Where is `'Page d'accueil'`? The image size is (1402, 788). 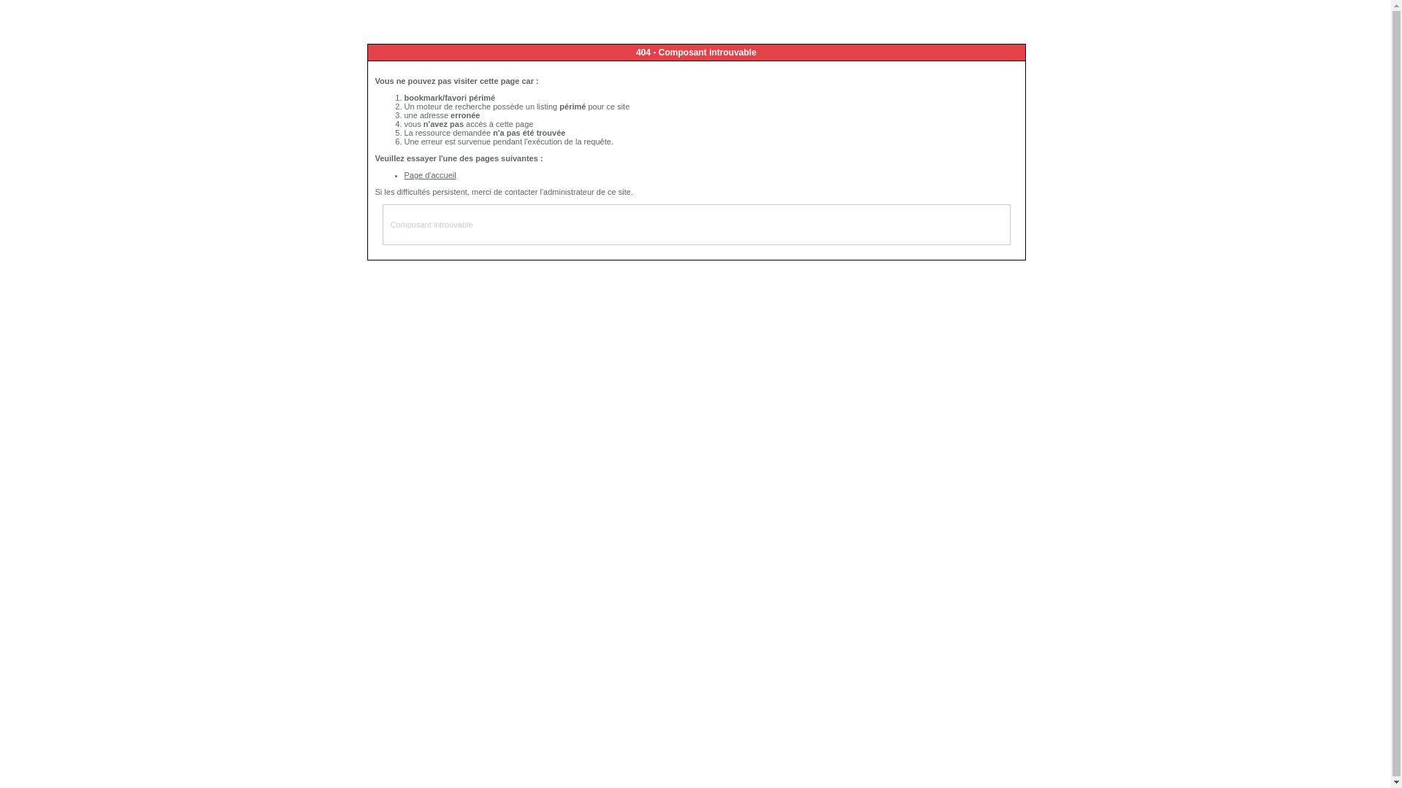
'Page d'accueil' is located at coordinates (429, 174).